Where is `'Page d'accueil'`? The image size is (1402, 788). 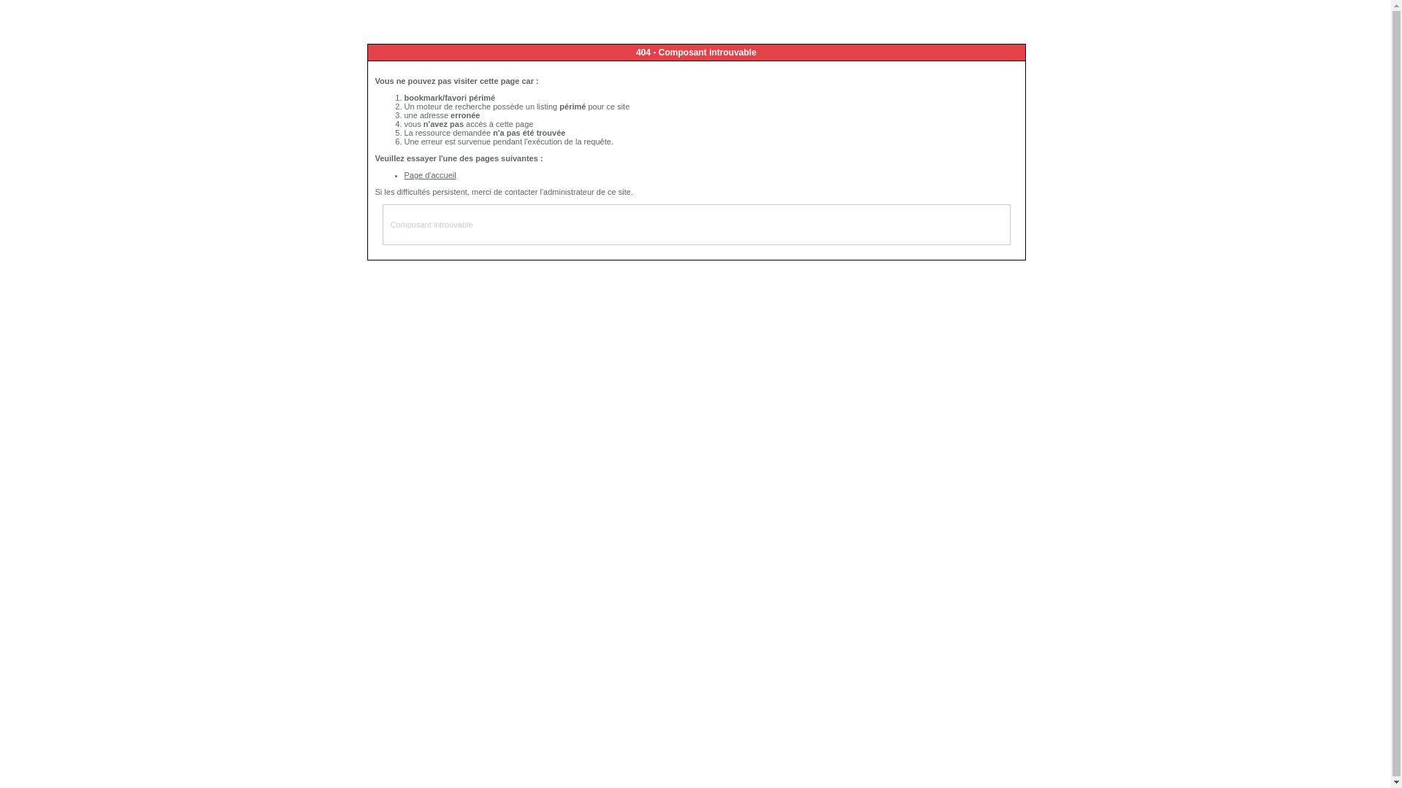
'Page d'accueil' is located at coordinates (429, 174).